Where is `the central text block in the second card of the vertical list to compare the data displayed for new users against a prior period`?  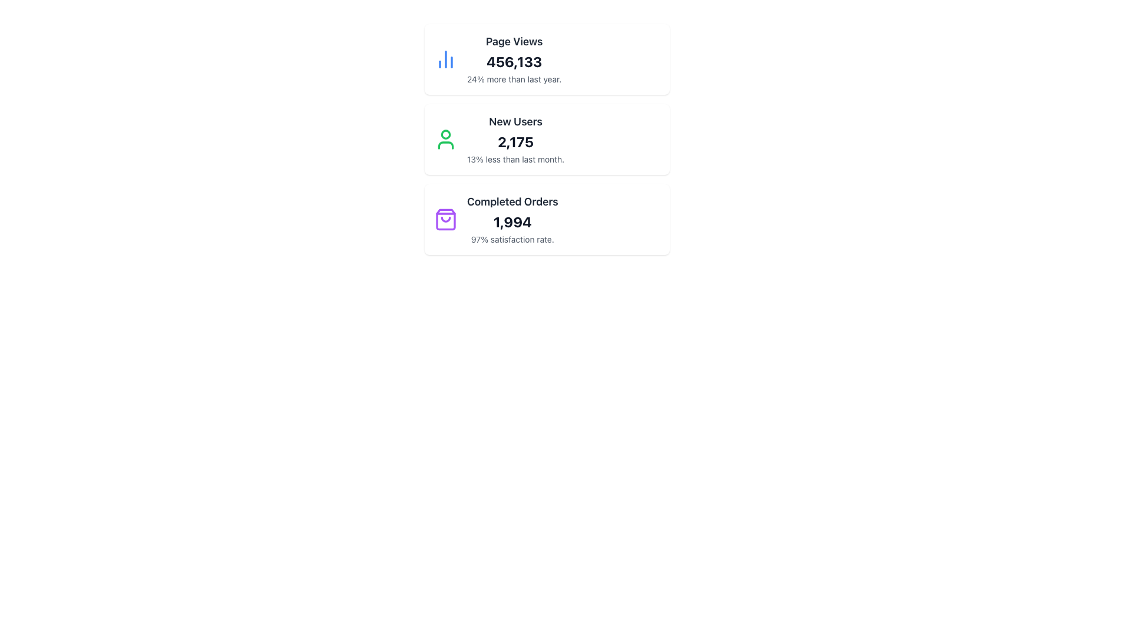
the central text block in the second card of the vertical list to compare the data displayed for new users against a prior period is located at coordinates (515, 138).